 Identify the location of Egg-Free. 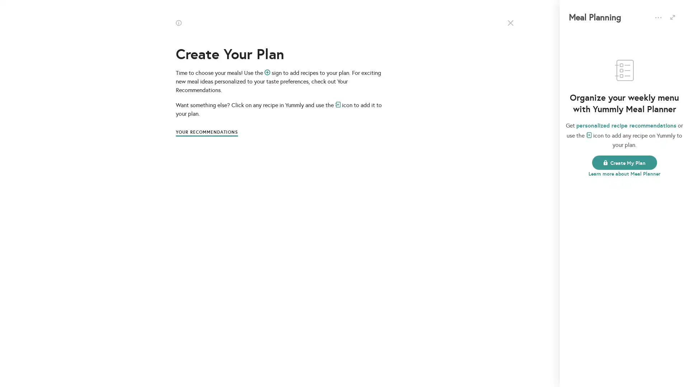
(632, 147).